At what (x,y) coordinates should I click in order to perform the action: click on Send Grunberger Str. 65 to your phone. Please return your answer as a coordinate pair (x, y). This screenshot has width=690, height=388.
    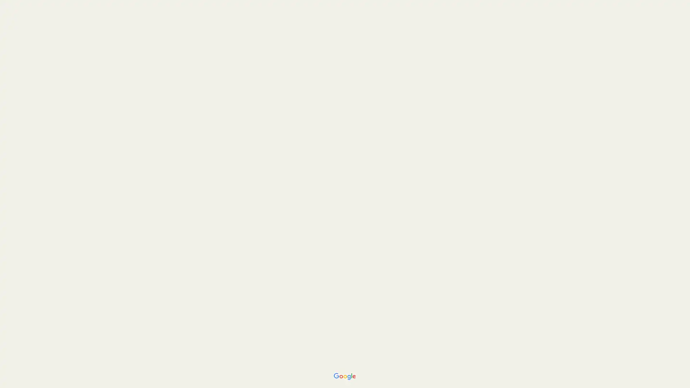
    Looking at the image, I should click on (99, 146).